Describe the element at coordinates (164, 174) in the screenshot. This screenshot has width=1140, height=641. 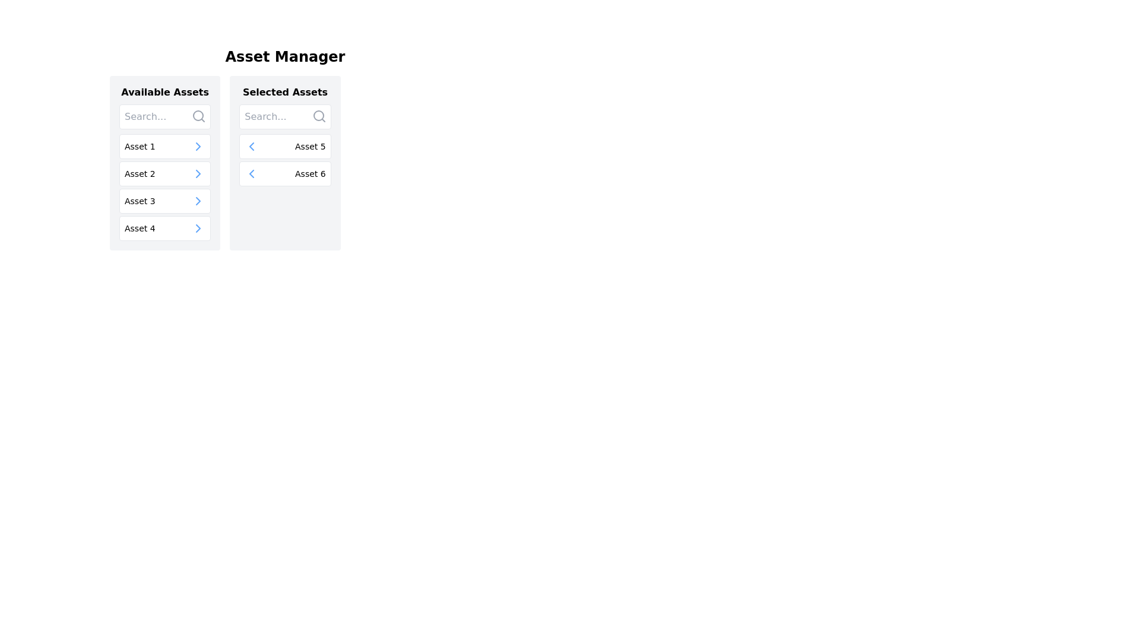
I see `the second selectable item in the 'Available Assets' list` at that location.